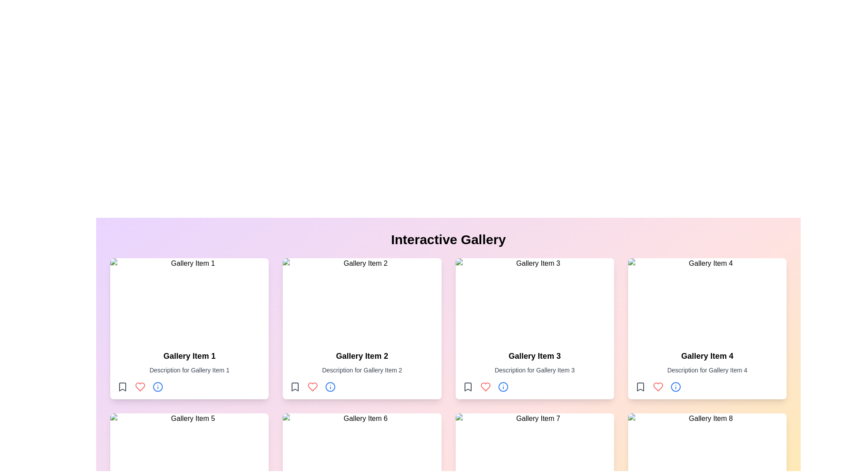  Describe the element at coordinates (295, 387) in the screenshot. I see `the gray bookmark icon located as the first element in a row of icons below the second gallery item` at that location.